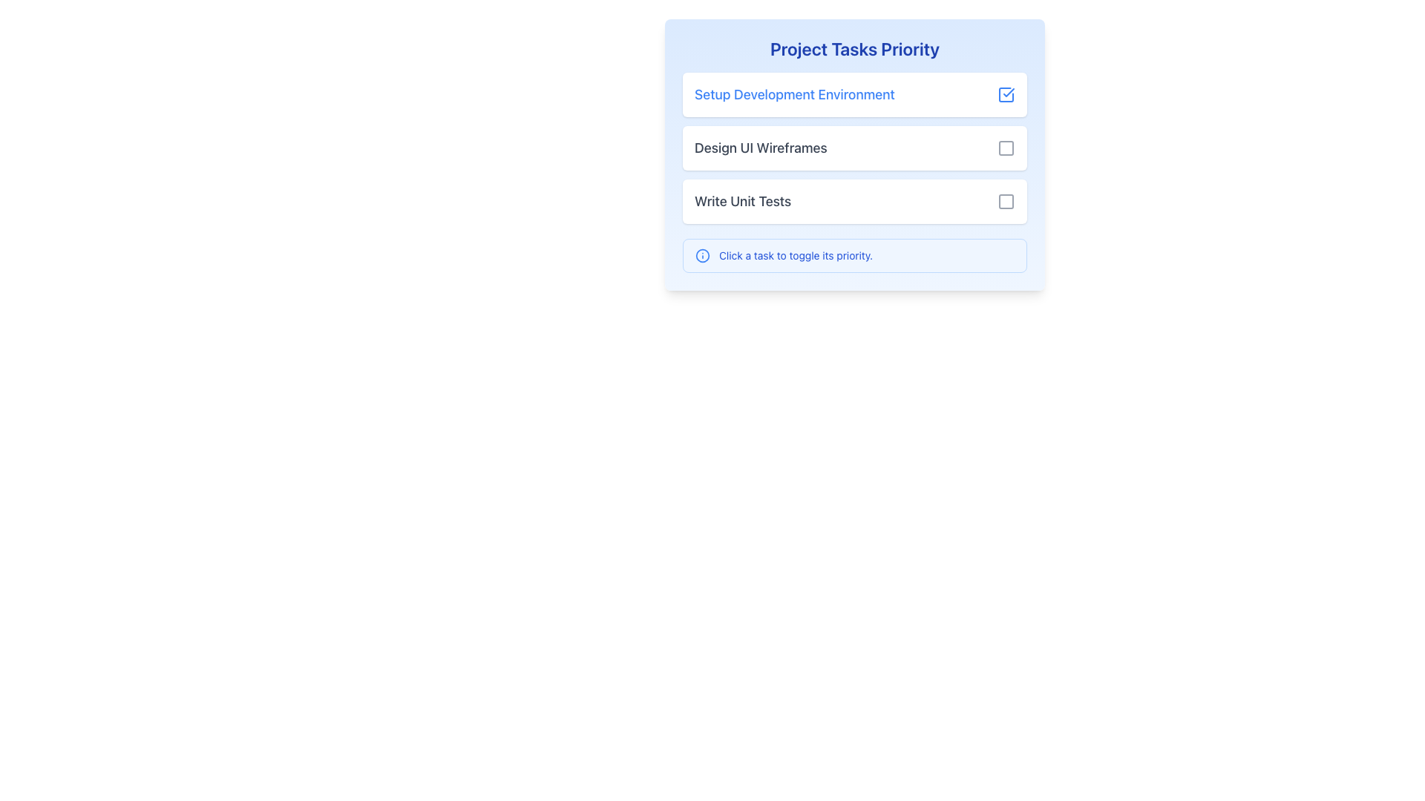 The image size is (1425, 801). Describe the element at coordinates (855, 254) in the screenshot. I see `the Information box, which is a notification box with a blue background and a bordered outline, containing the text 'Click a task to toggle its priority.'` at that location.